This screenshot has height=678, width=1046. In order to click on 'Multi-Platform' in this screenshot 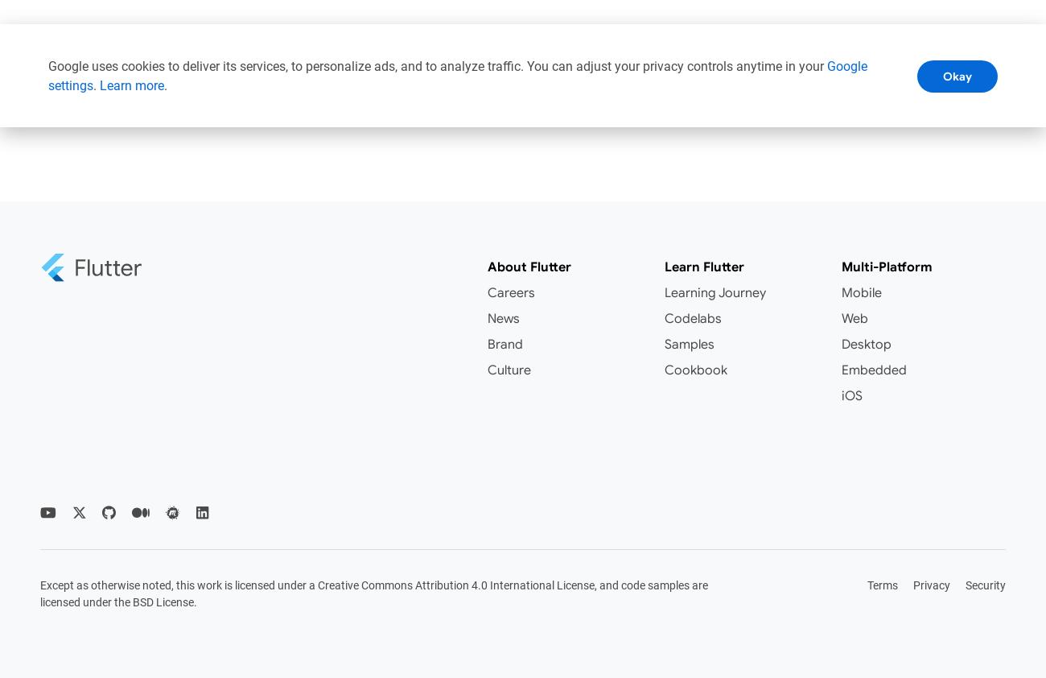, I will do `click(886, 266)`.